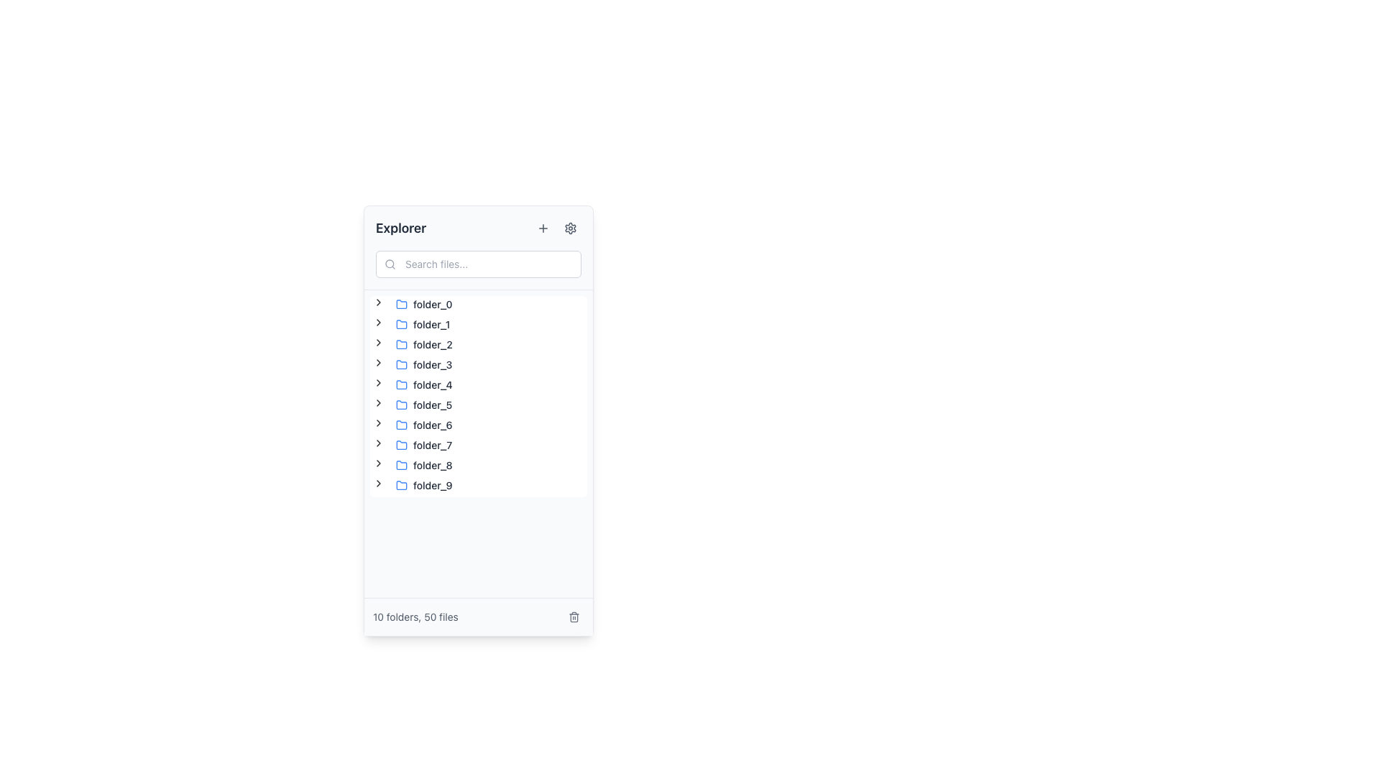  I want to click on the right-facing chevron icon in the folder list, so click(379, 463).